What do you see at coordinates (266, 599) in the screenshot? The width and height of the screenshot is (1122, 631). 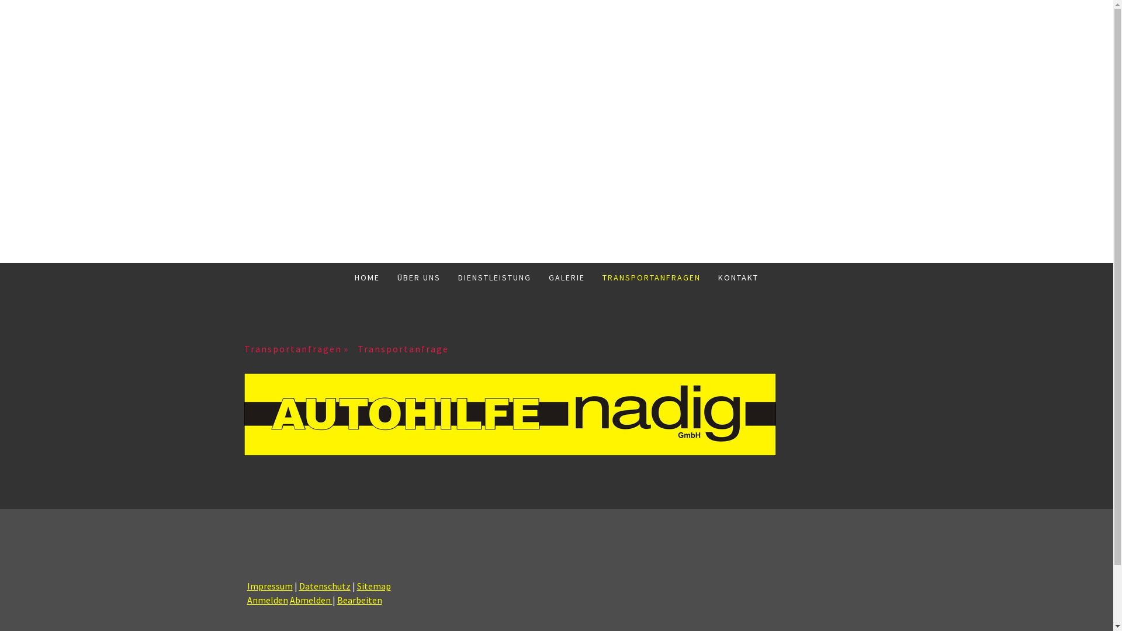 I see `'Anmelden'` at bounding box center [266, 599].